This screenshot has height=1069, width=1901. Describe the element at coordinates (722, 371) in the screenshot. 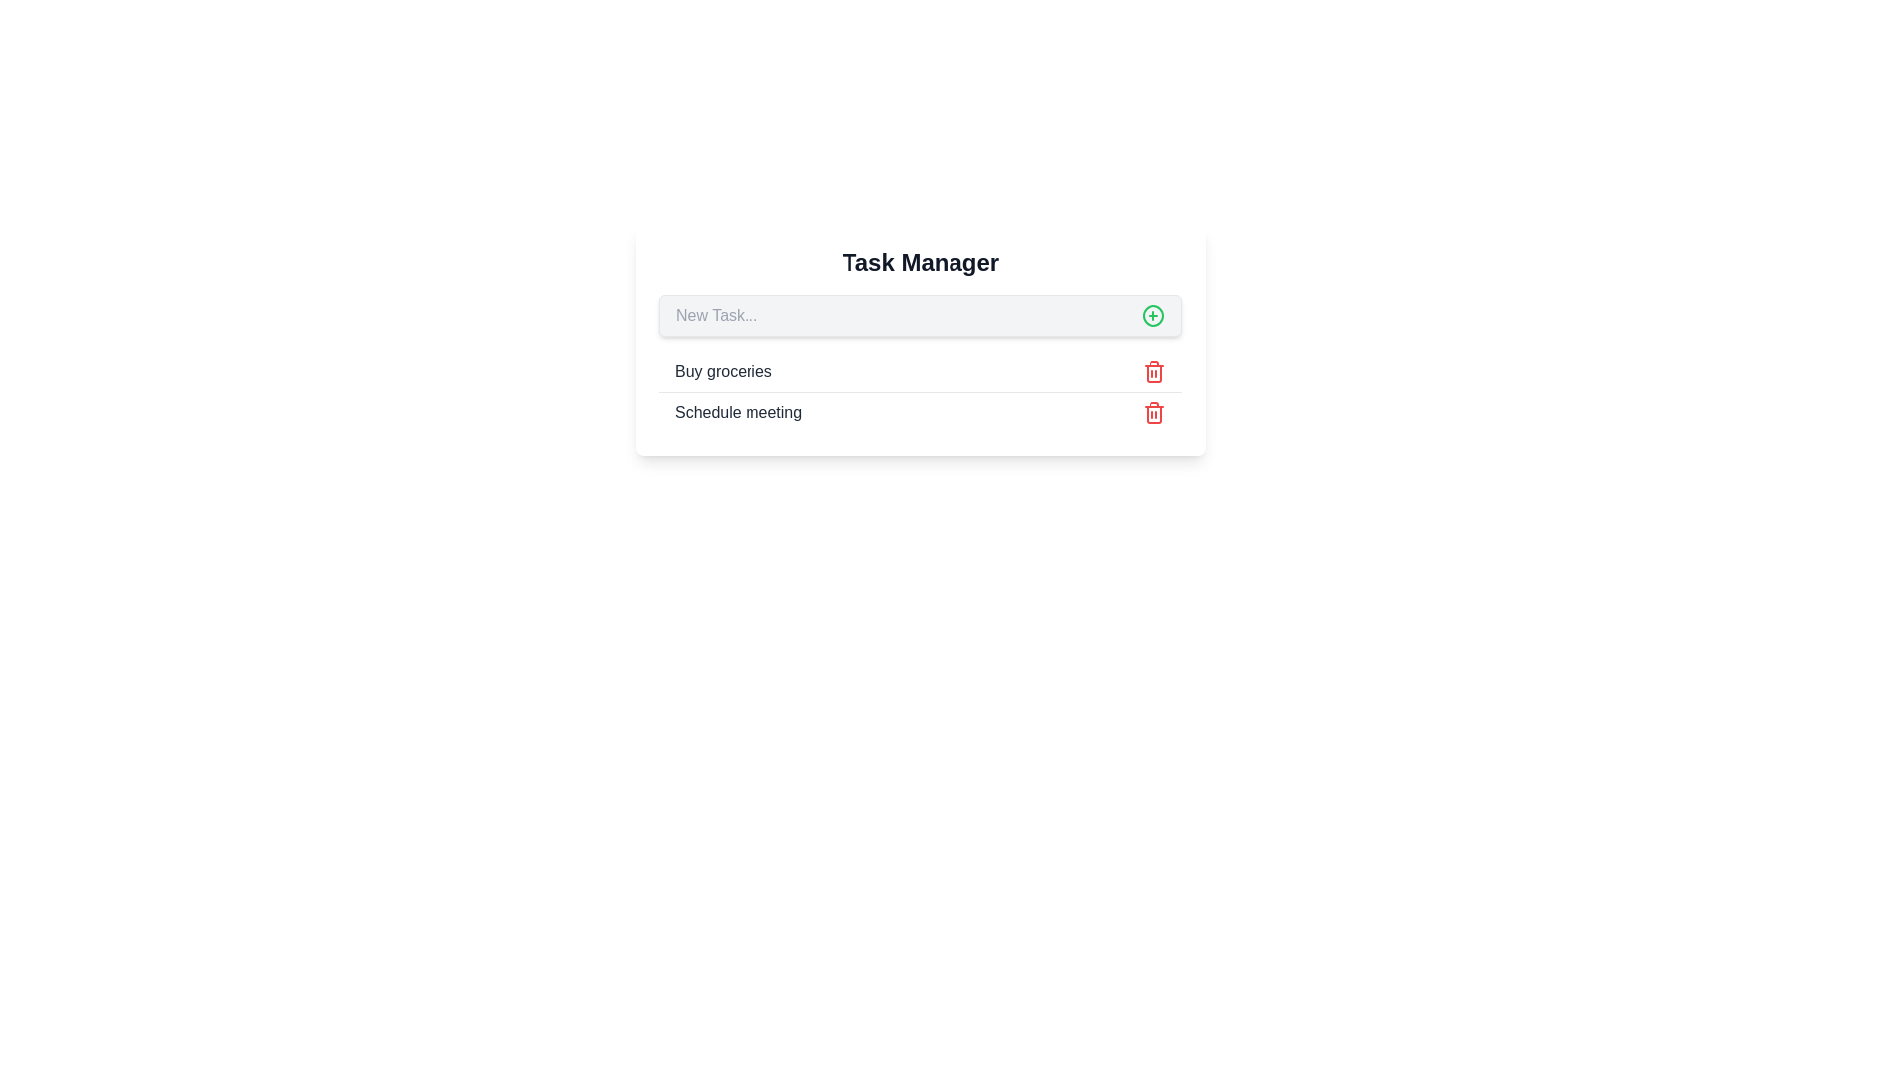

I see `the static text element displaying 'Buy groceries' in the task list of the Task Manager interface` at that location.